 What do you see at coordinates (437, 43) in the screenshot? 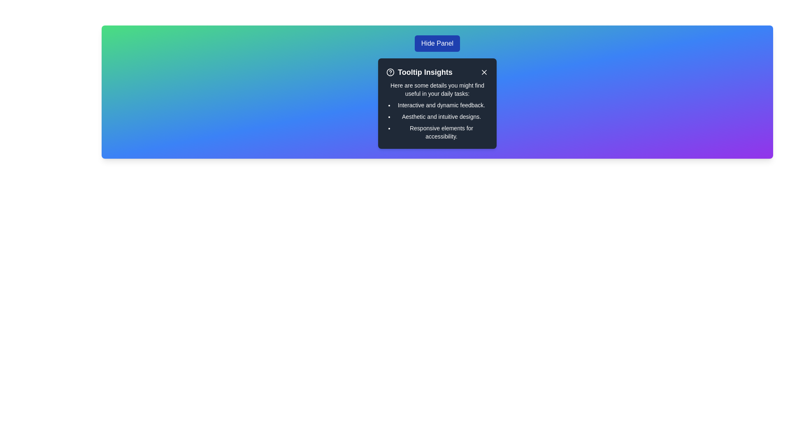
I see `the 'Hide Panel' button located at the top section of a gradient background panel, which is horizontally centered above the 'Tooltip Insights' tooltip box` at bounding box center [437, 43].